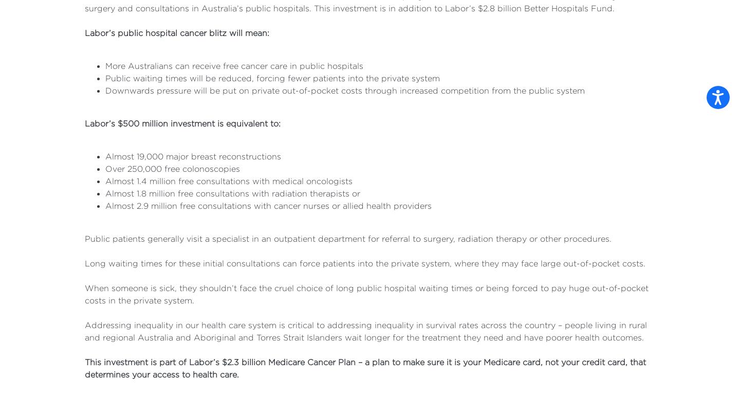  Describe the element at coordinates (177, 32) in the screenshot. I see `'Labor’s public hospital cancer blitz will mean:'` at that location.